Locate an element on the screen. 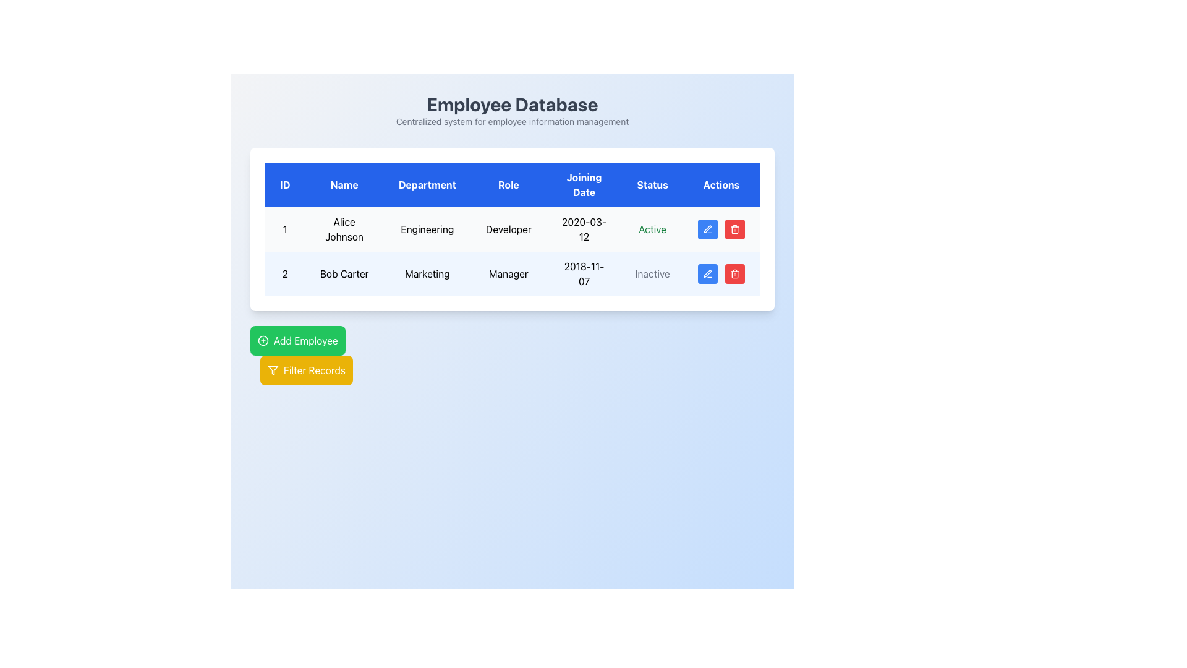  the pen icon in the 'Actions' column of the second row in the employee details table is located at coordinates (707, 273).